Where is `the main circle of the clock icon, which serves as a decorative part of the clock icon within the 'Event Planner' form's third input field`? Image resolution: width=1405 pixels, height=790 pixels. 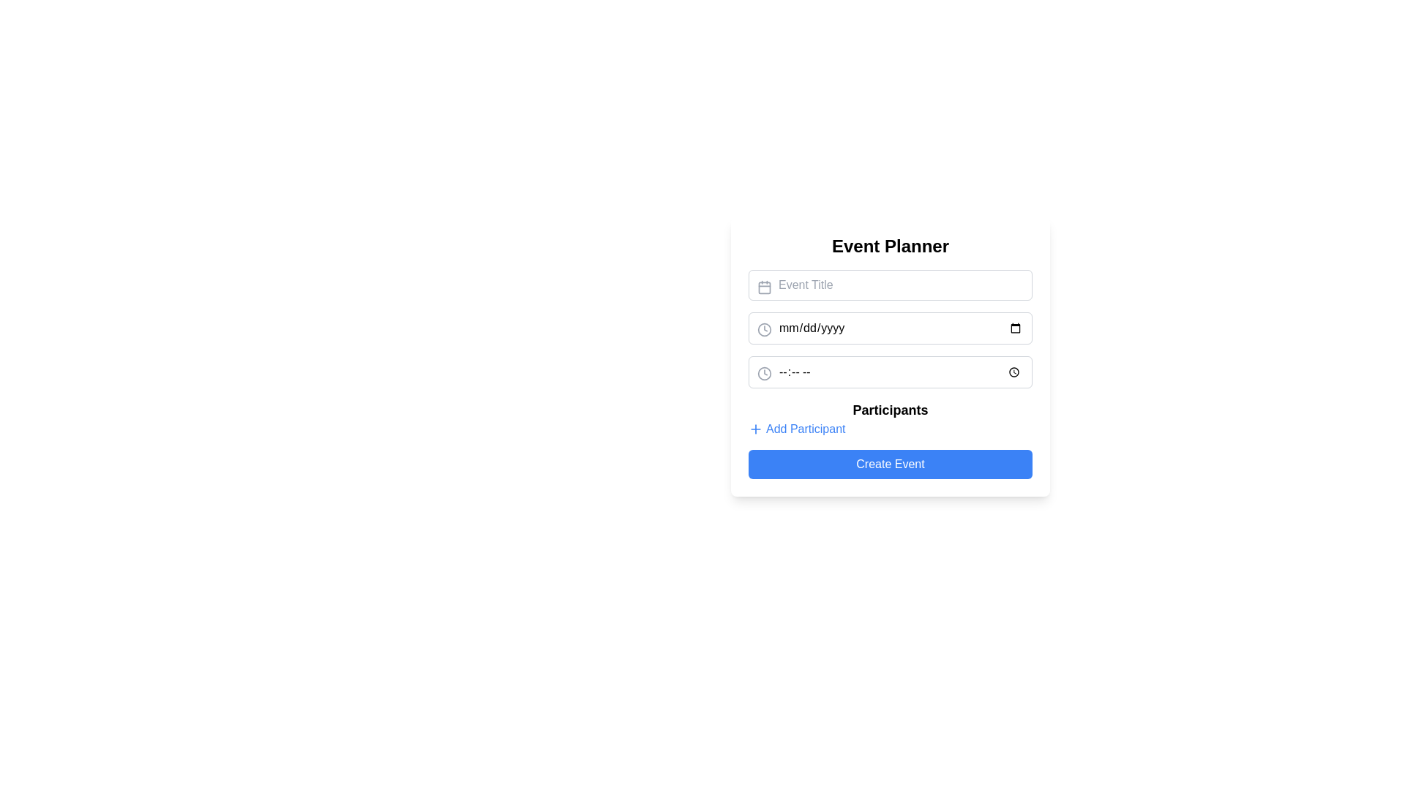
the main circle of the clock icon, which serves as a decorative part of the clock icon within the 'Event Planner' form's third input field is located at coordinates (764, 372).